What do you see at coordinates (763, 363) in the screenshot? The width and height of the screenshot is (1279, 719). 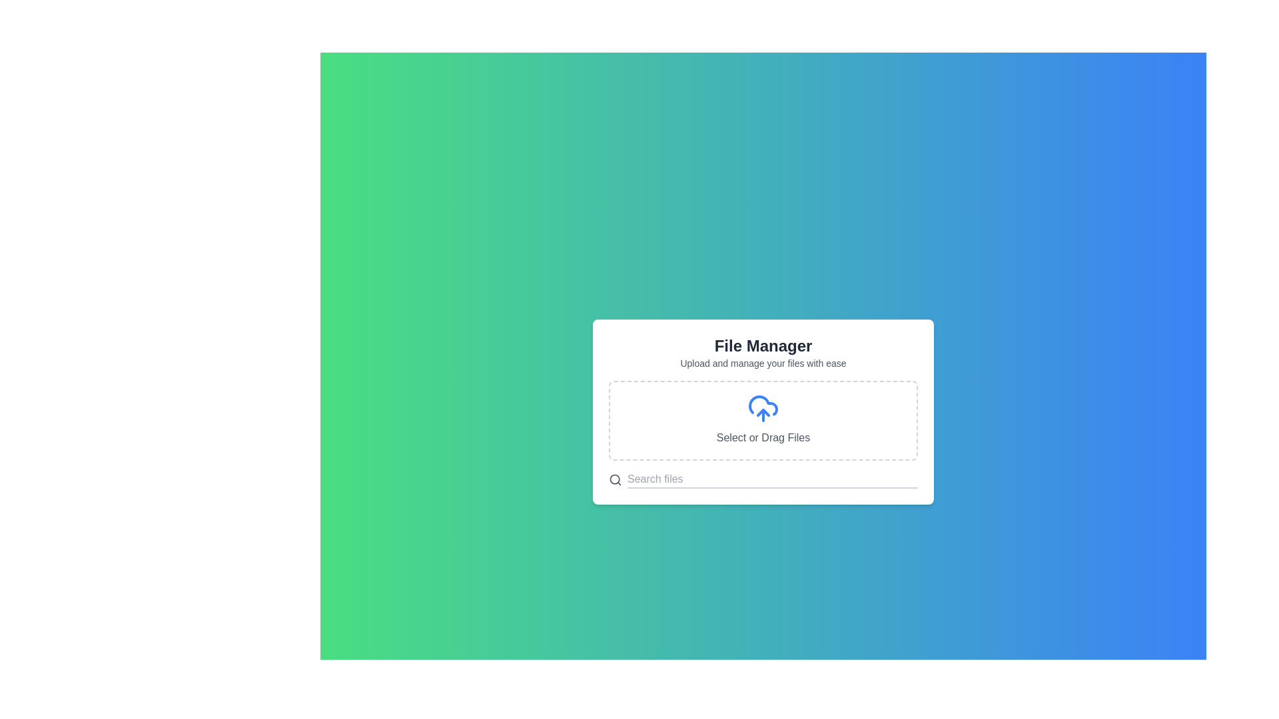 I see `the text label that provides supportive information about the 'File Manager', positioned directly beneath the primary title` at bounding box center [763, 363].